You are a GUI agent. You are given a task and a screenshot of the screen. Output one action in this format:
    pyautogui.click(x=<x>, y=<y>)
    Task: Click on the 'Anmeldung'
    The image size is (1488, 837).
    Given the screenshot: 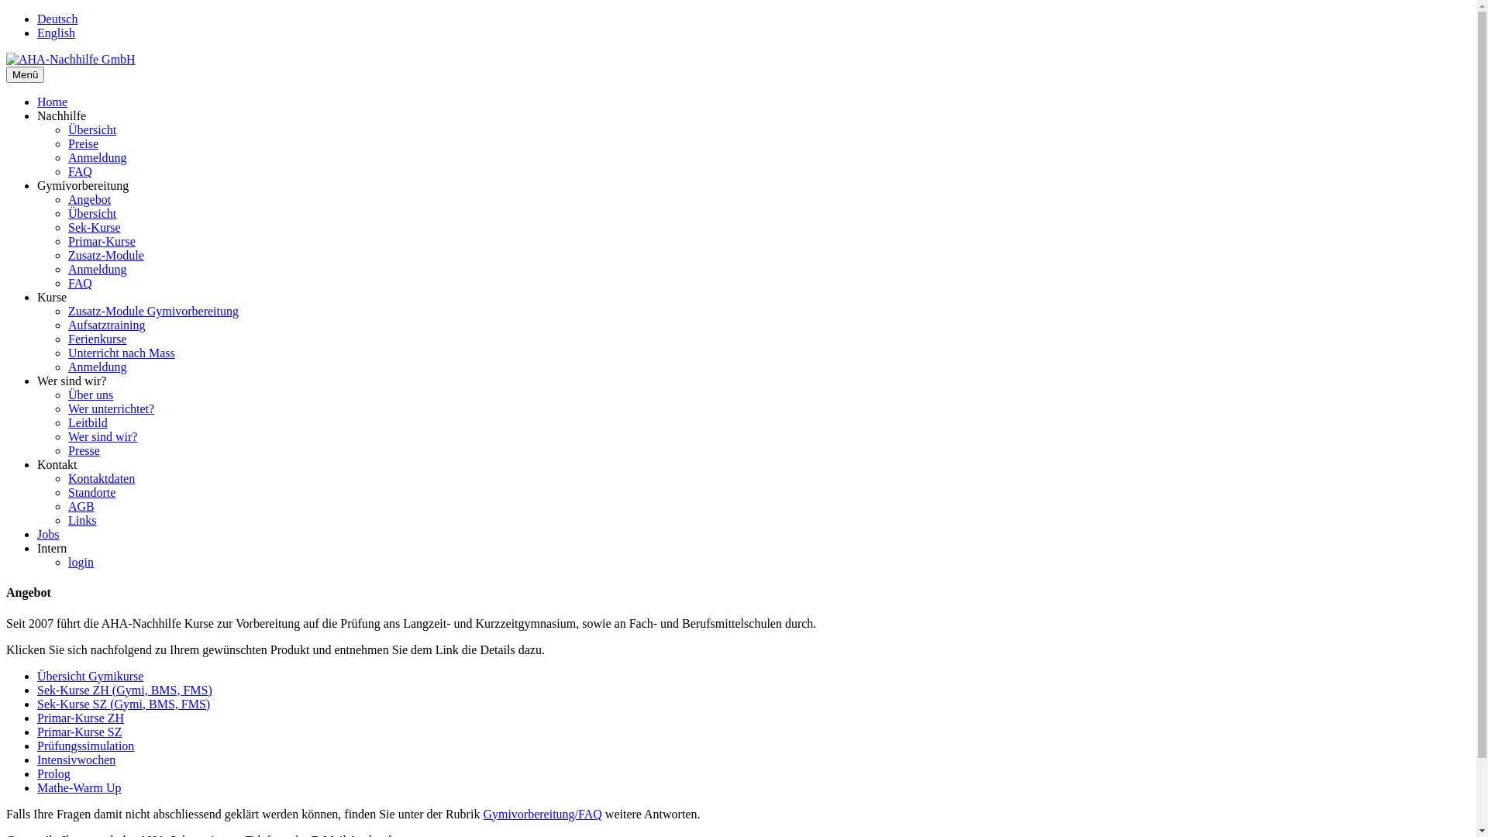 What is the action you would take?
    pyautogui.click(x=96, y=268)
    